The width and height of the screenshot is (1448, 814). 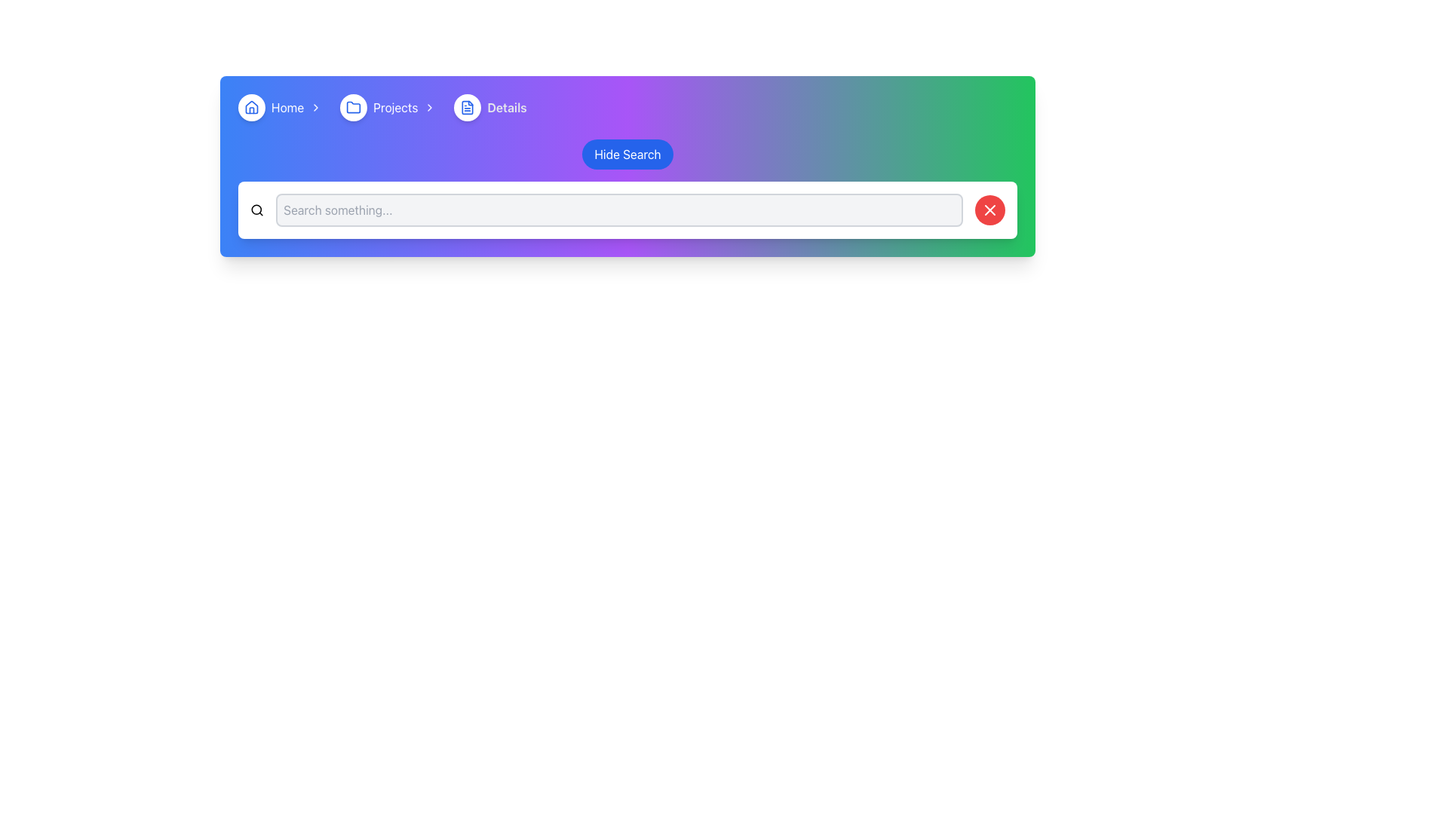 I want to click on the 'Details' icon in the header breadcrumbs bar, so click(x=467, y=106).